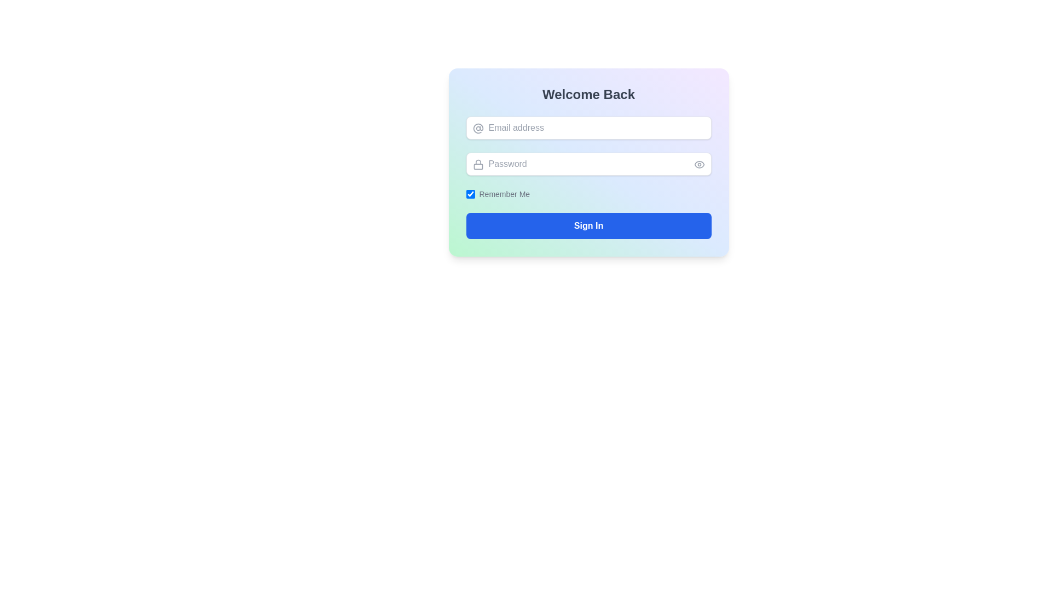 The width and height of the screenshot is (1051, 591). What do you see at coordinates (588, 164) in the screenshot?
I see `the password input field in the login form to focus and start inputting the password` at bounding box center [588, 164].